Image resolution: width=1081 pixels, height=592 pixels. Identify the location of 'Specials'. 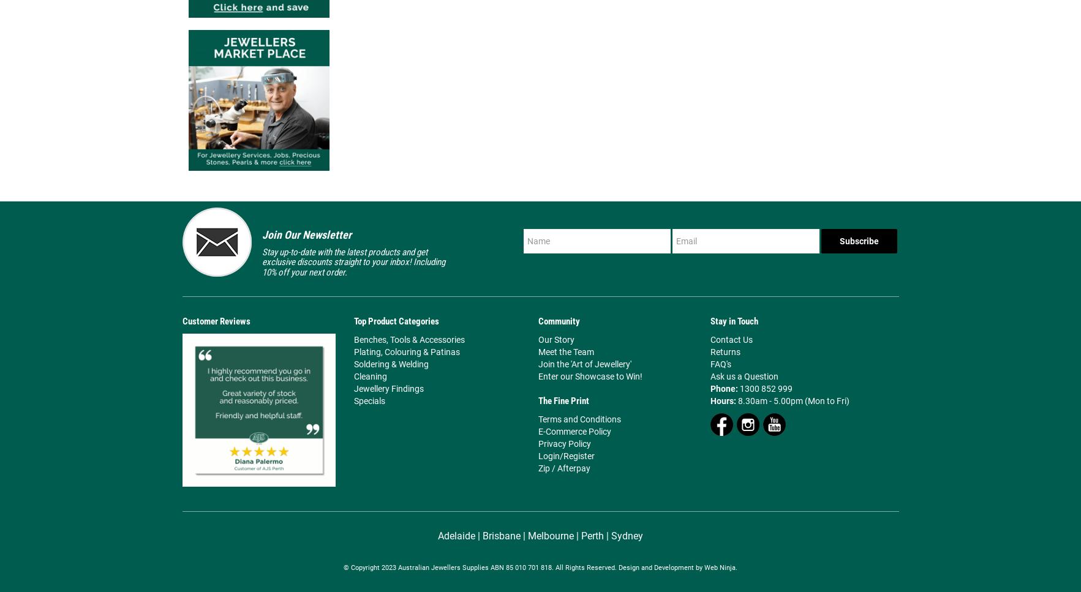
(369, 400).